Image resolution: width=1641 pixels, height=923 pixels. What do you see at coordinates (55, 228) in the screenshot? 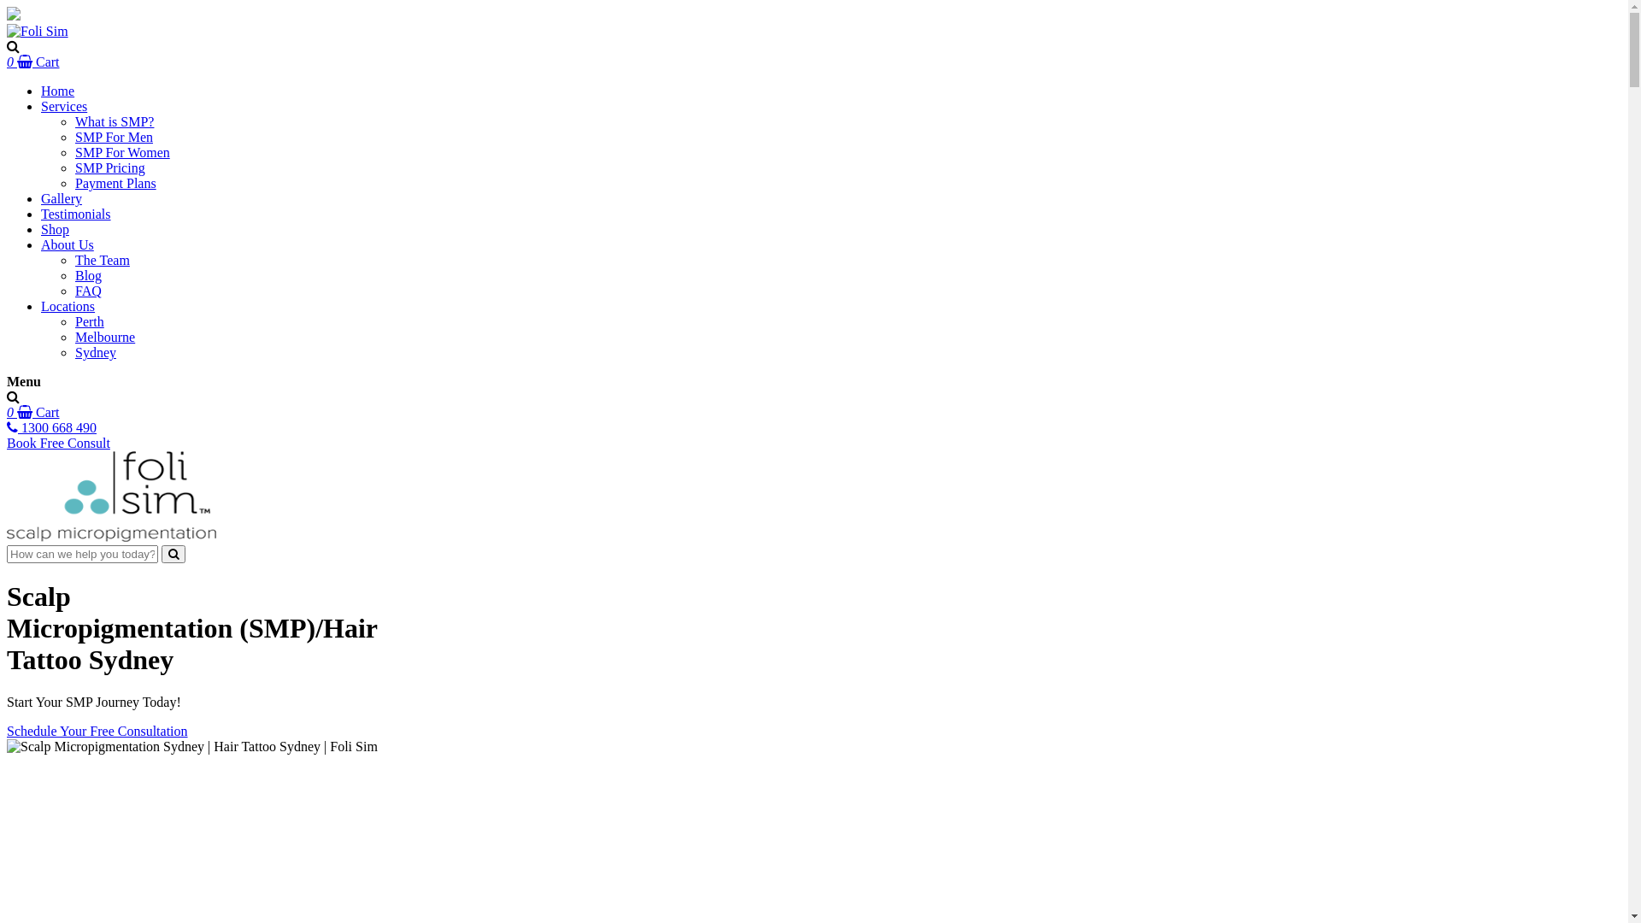
I see `'Shop'` at bounding box center [55, 228].